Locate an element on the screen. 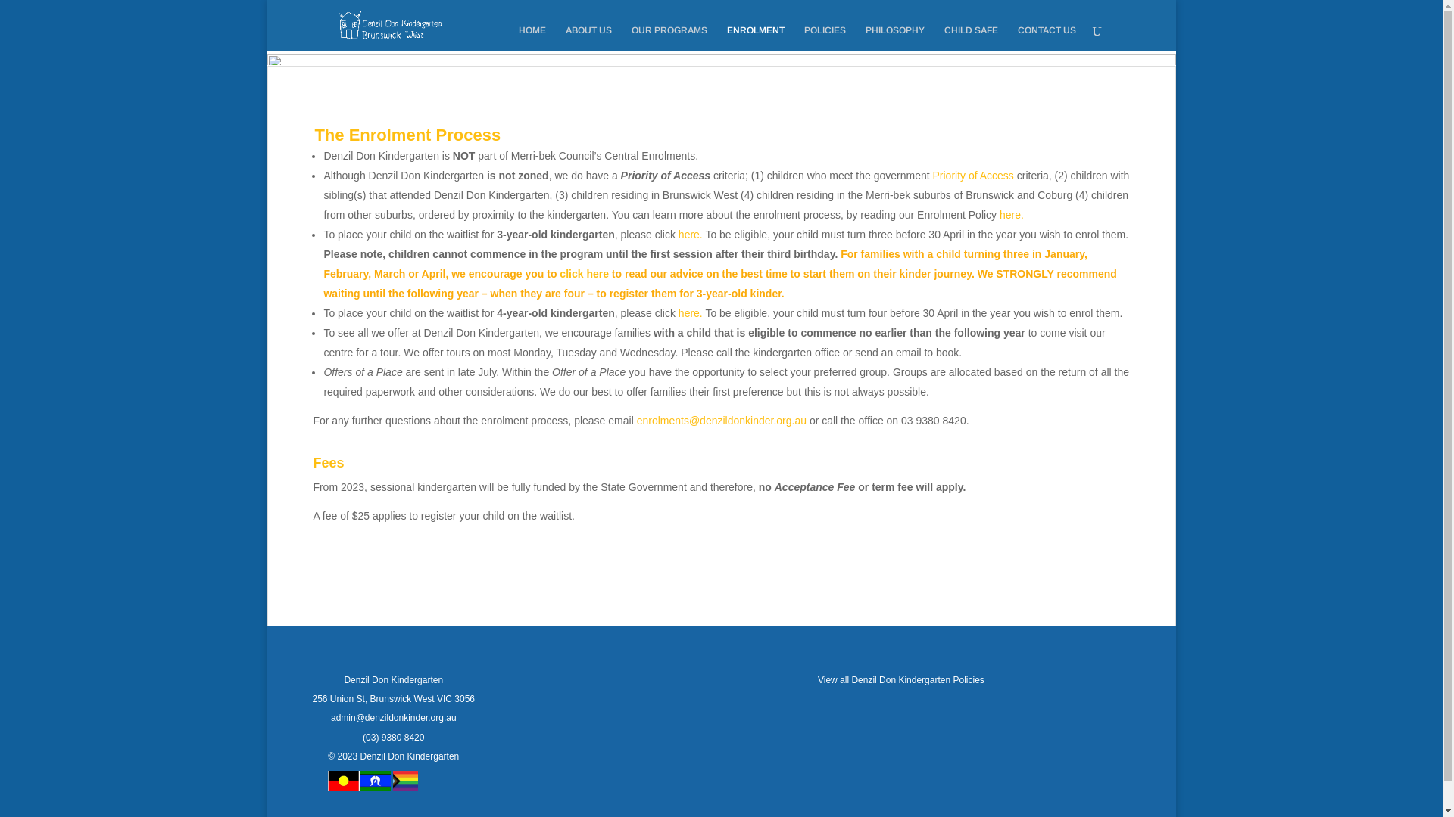 This screenshot has width=1454, height=817. 'OUR PROGRAMS' is located at coordinates (668, 37).